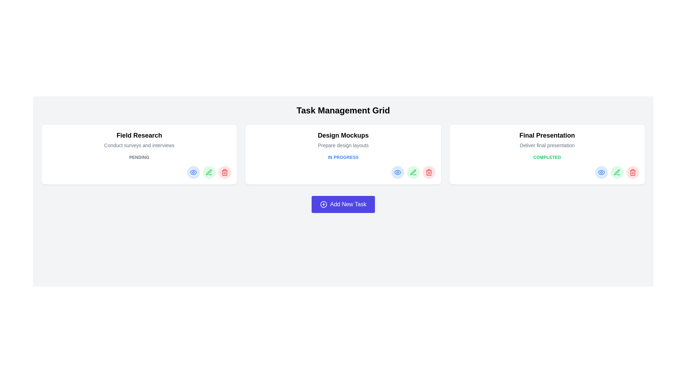 The image size is (683, 384). I want to click on the edit button for the 'Design Mockups' task, so click(413, 172).